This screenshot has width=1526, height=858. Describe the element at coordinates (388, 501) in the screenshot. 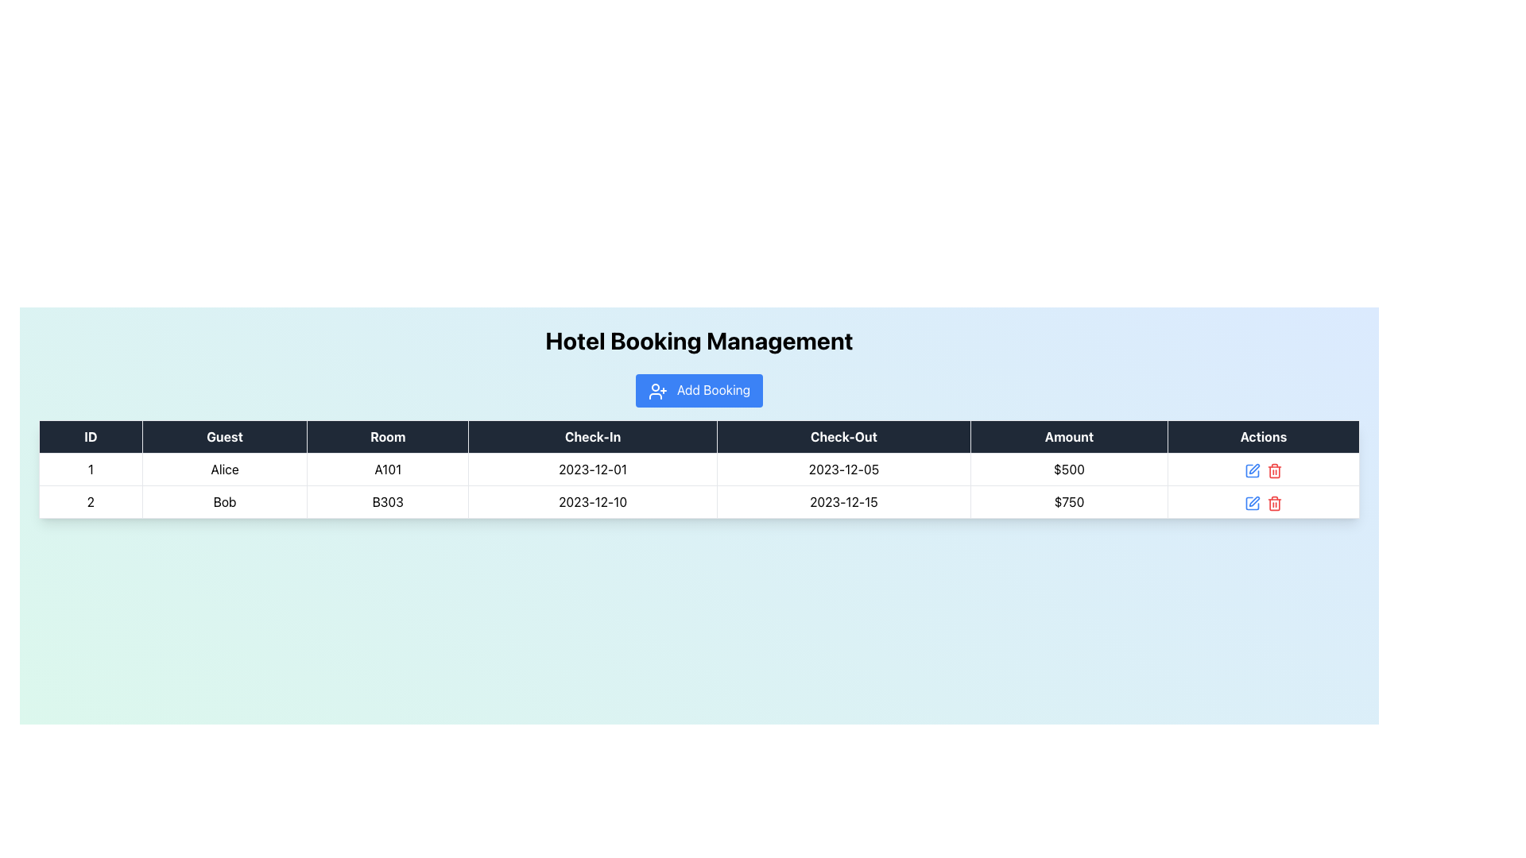

I see `text 'B303' from the table cell located in the third column of the second row, which is situated under the 'Room' label and follows 'Guest: Bob'` at that location.